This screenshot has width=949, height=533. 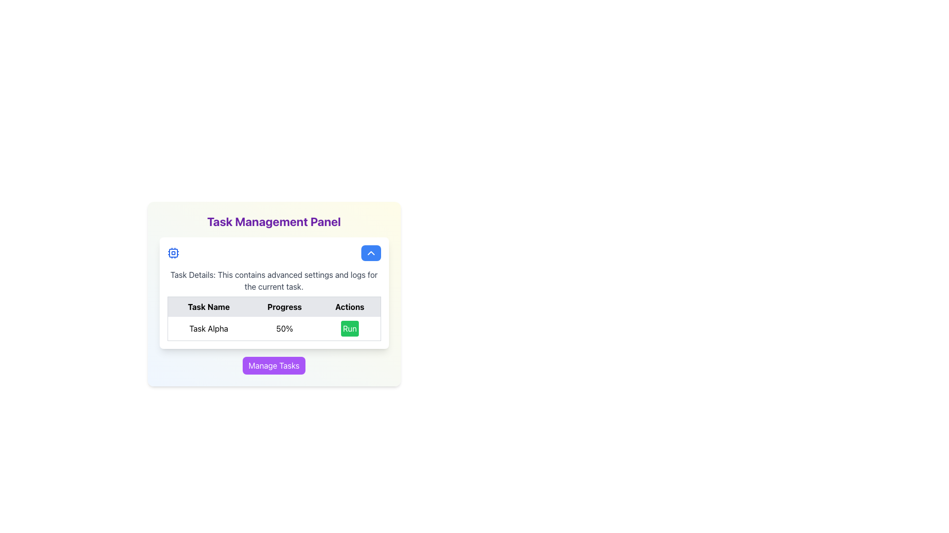 What do you see at coordinates (350, 329) in the screenshot?
I see `the green 'Run' button with rounded corners located in the 'Actions' column of the table, associated with 'Task Alpha'` at bounding box center [350, 329].